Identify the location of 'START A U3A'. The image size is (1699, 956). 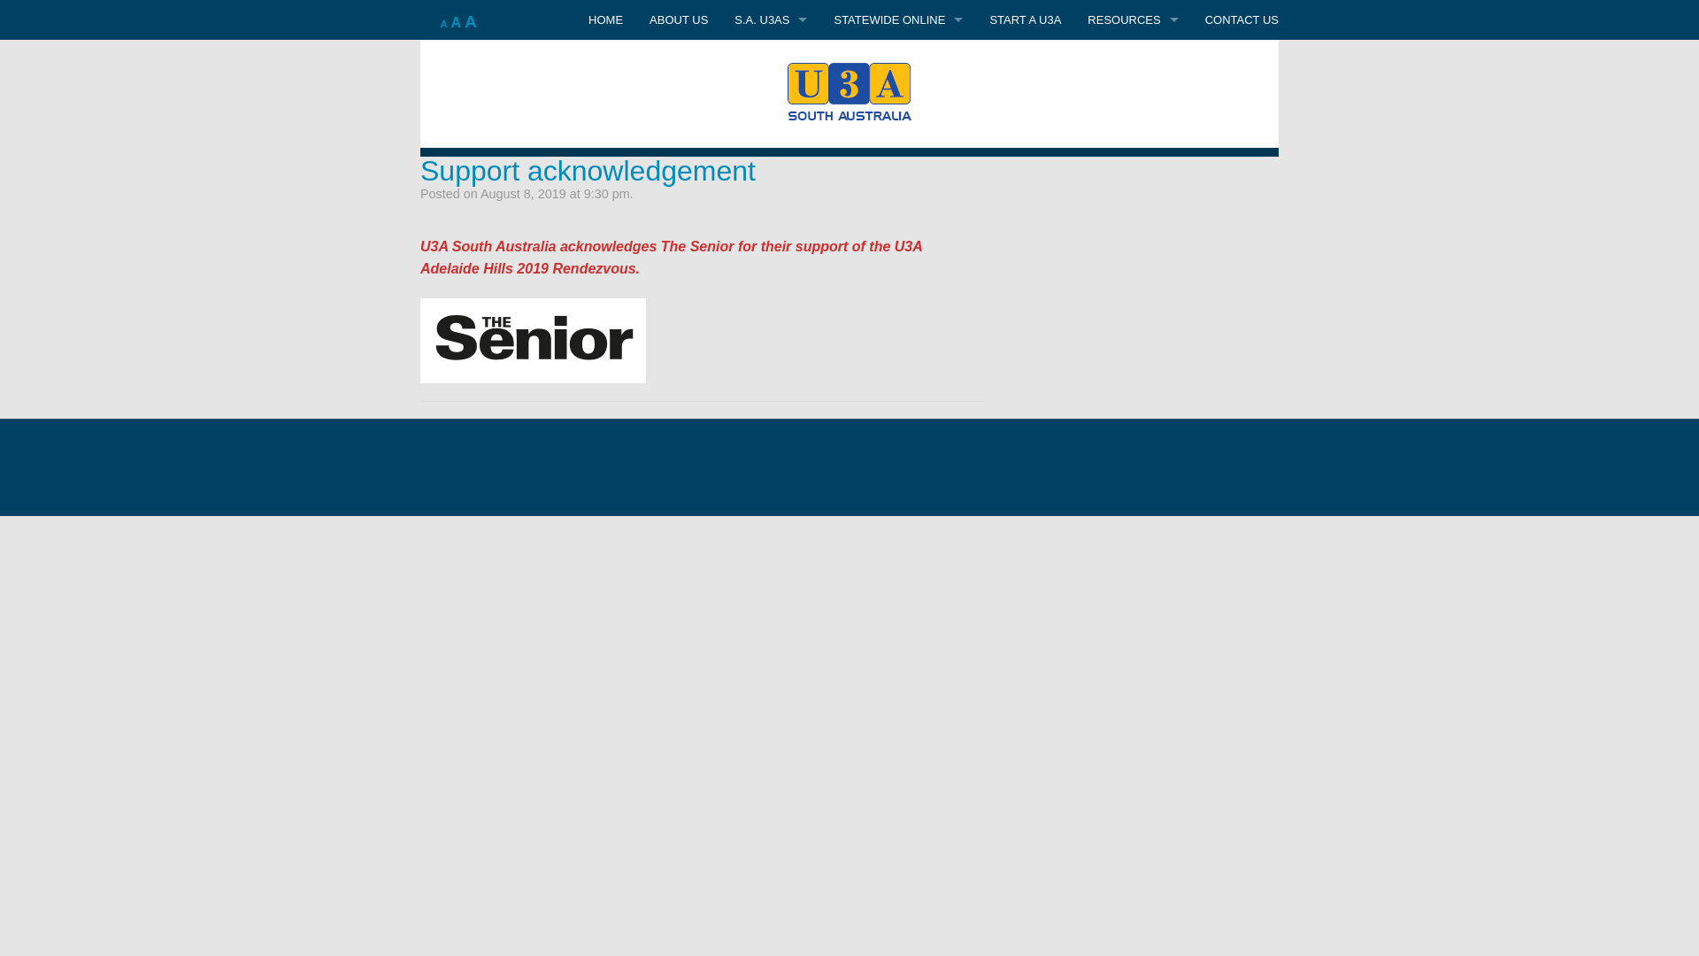
(1025, 19).